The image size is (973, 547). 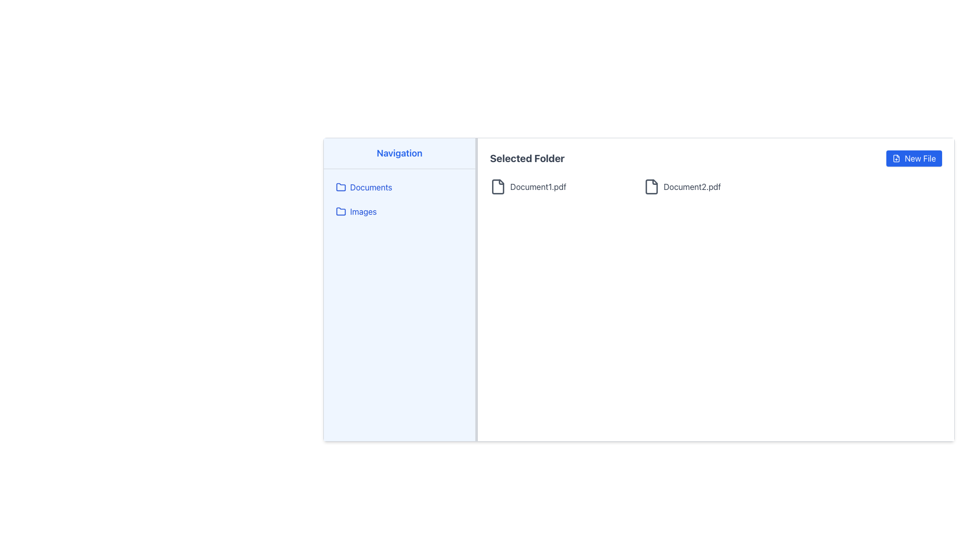 What do you see at coordinates (341, 210) in the screenshot?
I see `the blue folder icon button located in the navigation sidebar, which is the second icon under the 'Navigation' section` at bounding box center [341, 210].